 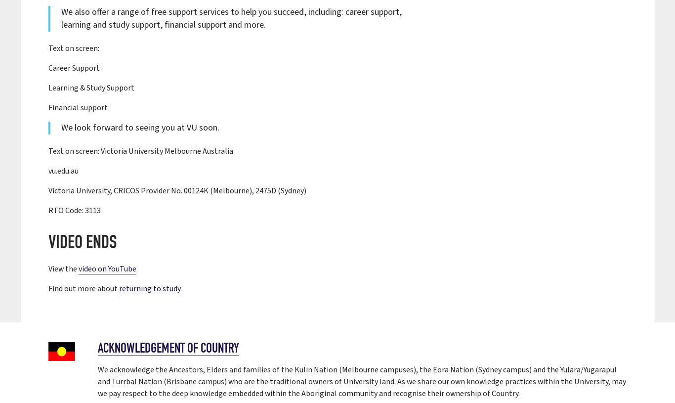 What do you see at coordinates (48, 170) in the screenshot?
I see `'vu.edu.au'` at bounding box center [48, 170].